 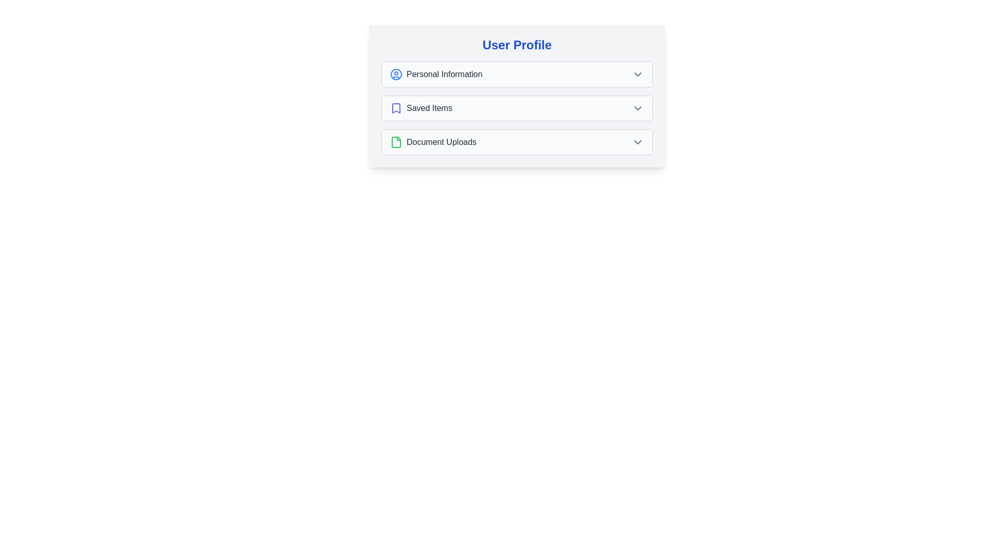 What do you see at coordinates (396, 142) in the screenshot?
I see `the 'Document Uploads' icon located to the far-left of the corresponding text label in the 'User Profile' section for detailed inspection` at bounding box center [396, 142].